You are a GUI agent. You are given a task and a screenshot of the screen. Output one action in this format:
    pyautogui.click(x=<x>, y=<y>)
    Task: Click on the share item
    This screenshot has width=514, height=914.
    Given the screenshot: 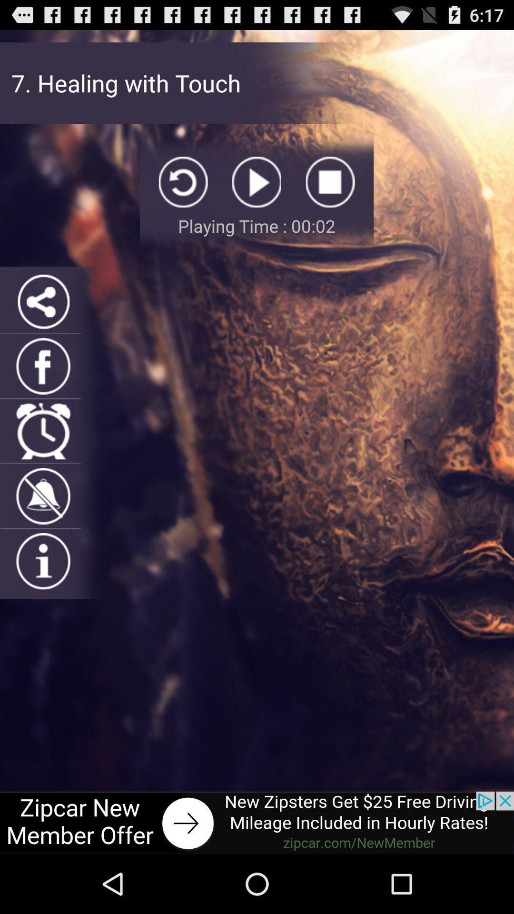 What is the action you would take?
    pyautogui.click(x=43, y=301)
    